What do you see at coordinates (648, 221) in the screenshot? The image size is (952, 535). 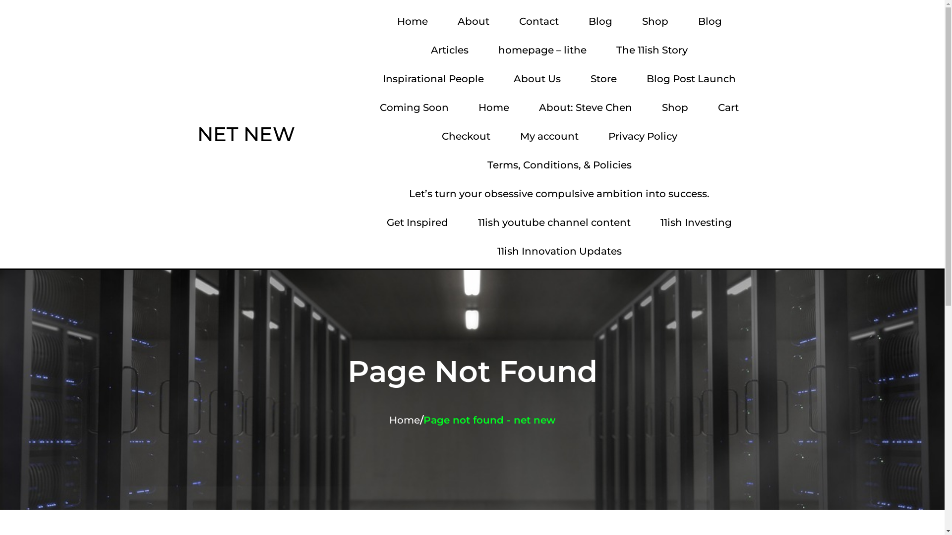 I see `'11ish Investing'` at bounding box center [648, 221].